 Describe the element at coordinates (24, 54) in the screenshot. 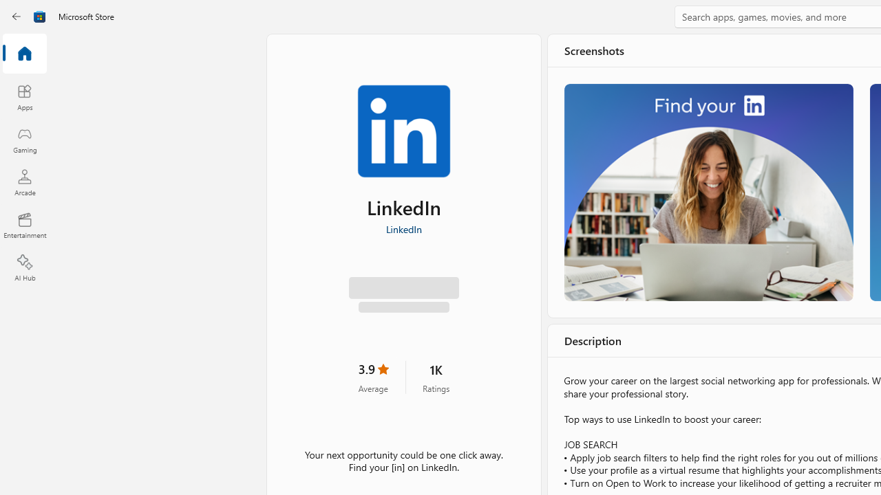

I see `'Home'` at that location.